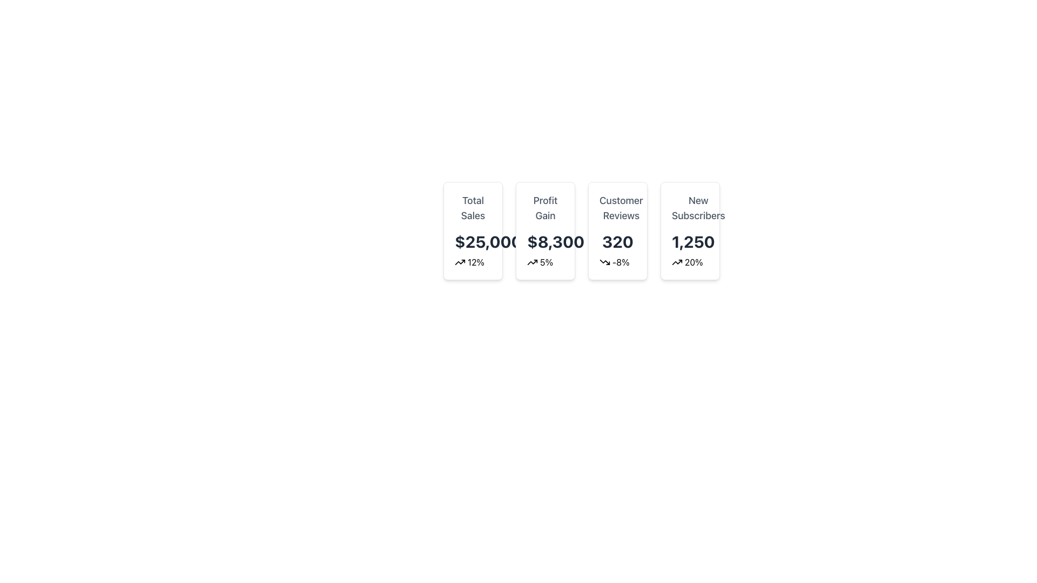 The image size is (1037, 583). What do you see at coordinates (460, 262) in the screenshot?
I see `the upward trend icon located beneath the '$25,000' total sales figure in the leftmost summary card, which also displays a '12%' percentage change` at bounding box center [460, 262].